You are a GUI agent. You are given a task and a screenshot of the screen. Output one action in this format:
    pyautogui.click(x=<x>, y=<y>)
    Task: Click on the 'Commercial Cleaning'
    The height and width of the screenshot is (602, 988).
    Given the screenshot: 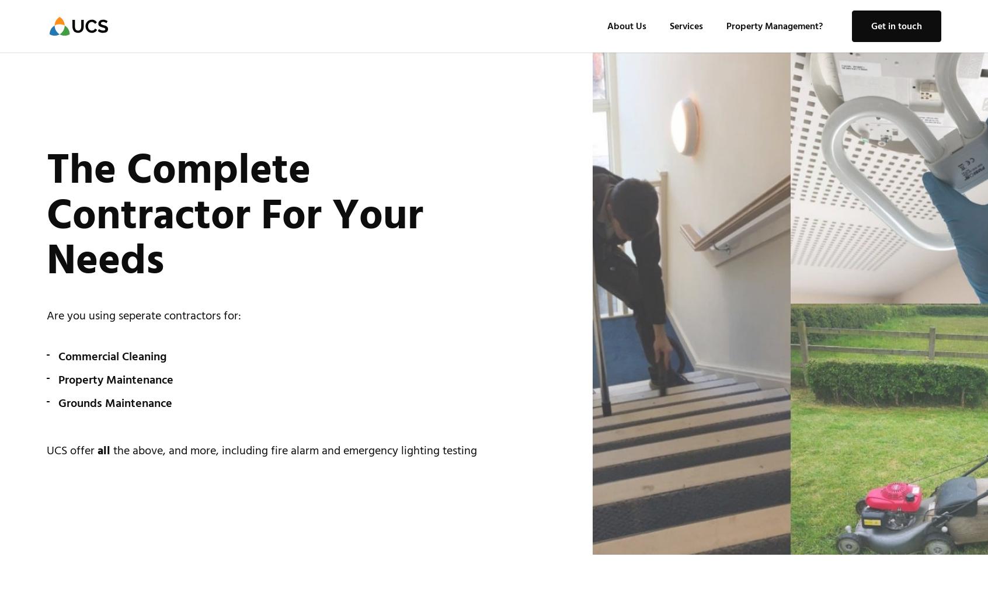 What is the action you would take?
    pyautogui.click(x=112, y=356)
    